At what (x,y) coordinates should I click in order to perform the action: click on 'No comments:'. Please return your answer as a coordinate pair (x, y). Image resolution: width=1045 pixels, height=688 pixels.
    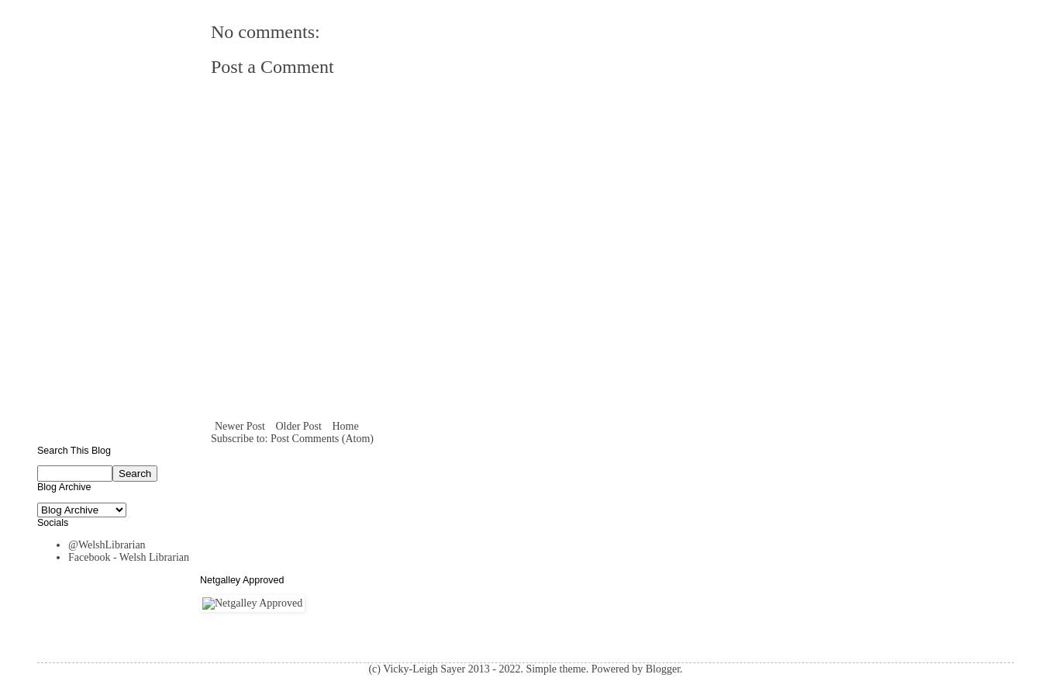
    Looking at the image, I should click on (264, 31).